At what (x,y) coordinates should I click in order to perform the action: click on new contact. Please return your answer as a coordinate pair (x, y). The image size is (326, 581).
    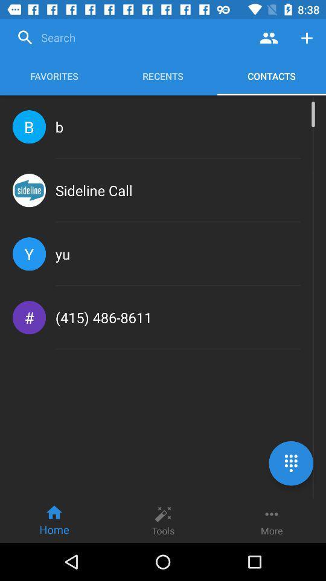
    Looking at the image, I should click on (307, 38).